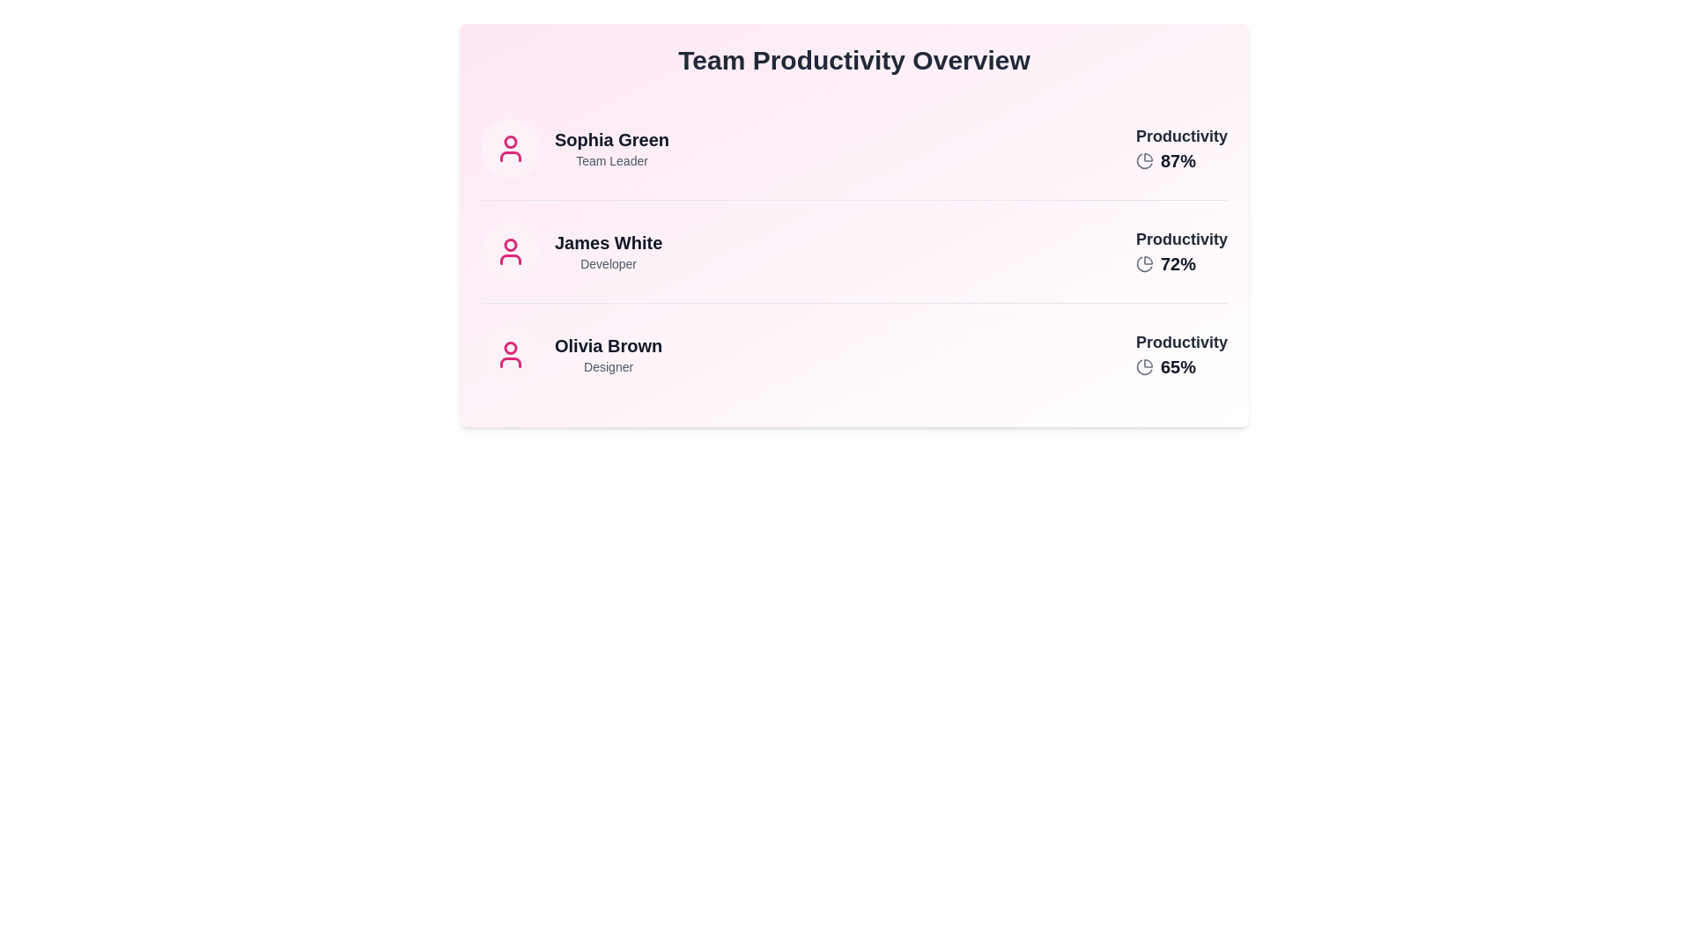  Describe the element at coordinates (510, 148) in the screenshot. I see `the profile icon with a pink background representing 'Sophia Green'` at that location.